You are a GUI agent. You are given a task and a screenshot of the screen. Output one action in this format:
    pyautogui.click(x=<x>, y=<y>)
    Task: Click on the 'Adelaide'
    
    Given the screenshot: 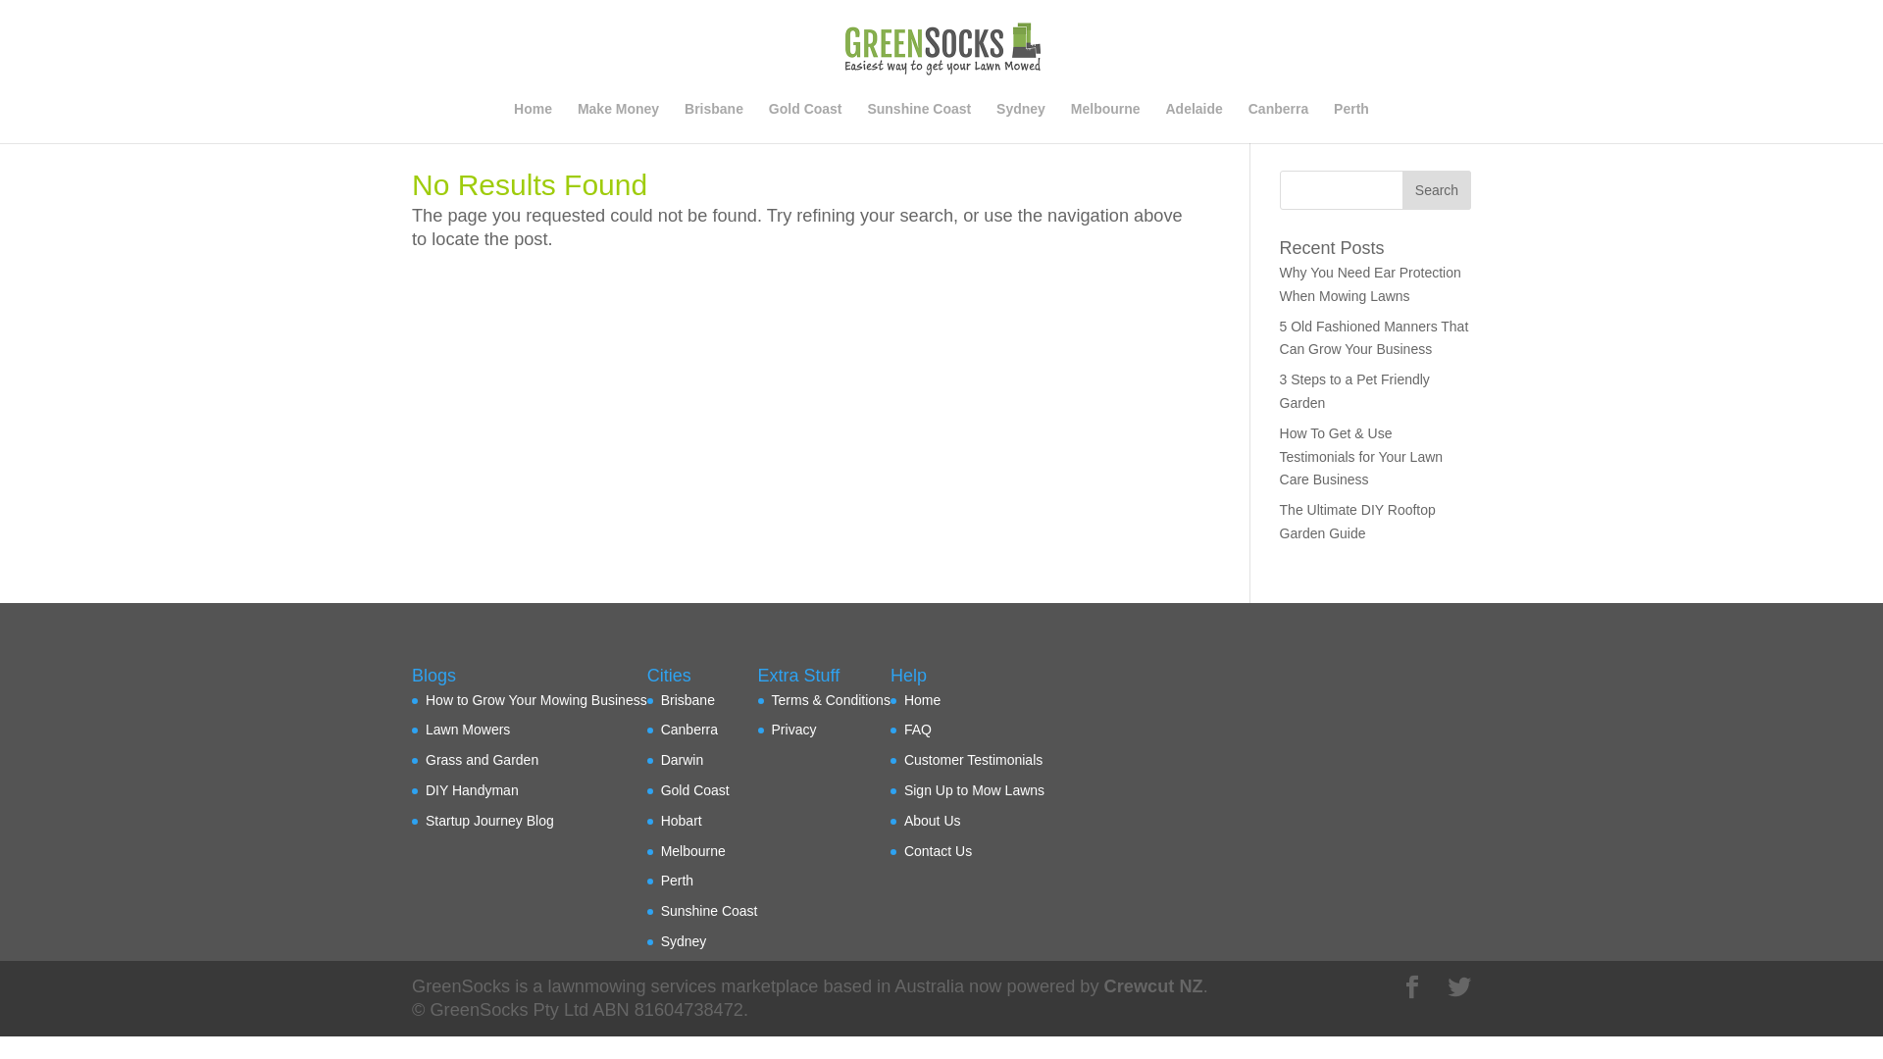 What is the action you would take?
    pyautogui.click(x=1193, y=122)
    